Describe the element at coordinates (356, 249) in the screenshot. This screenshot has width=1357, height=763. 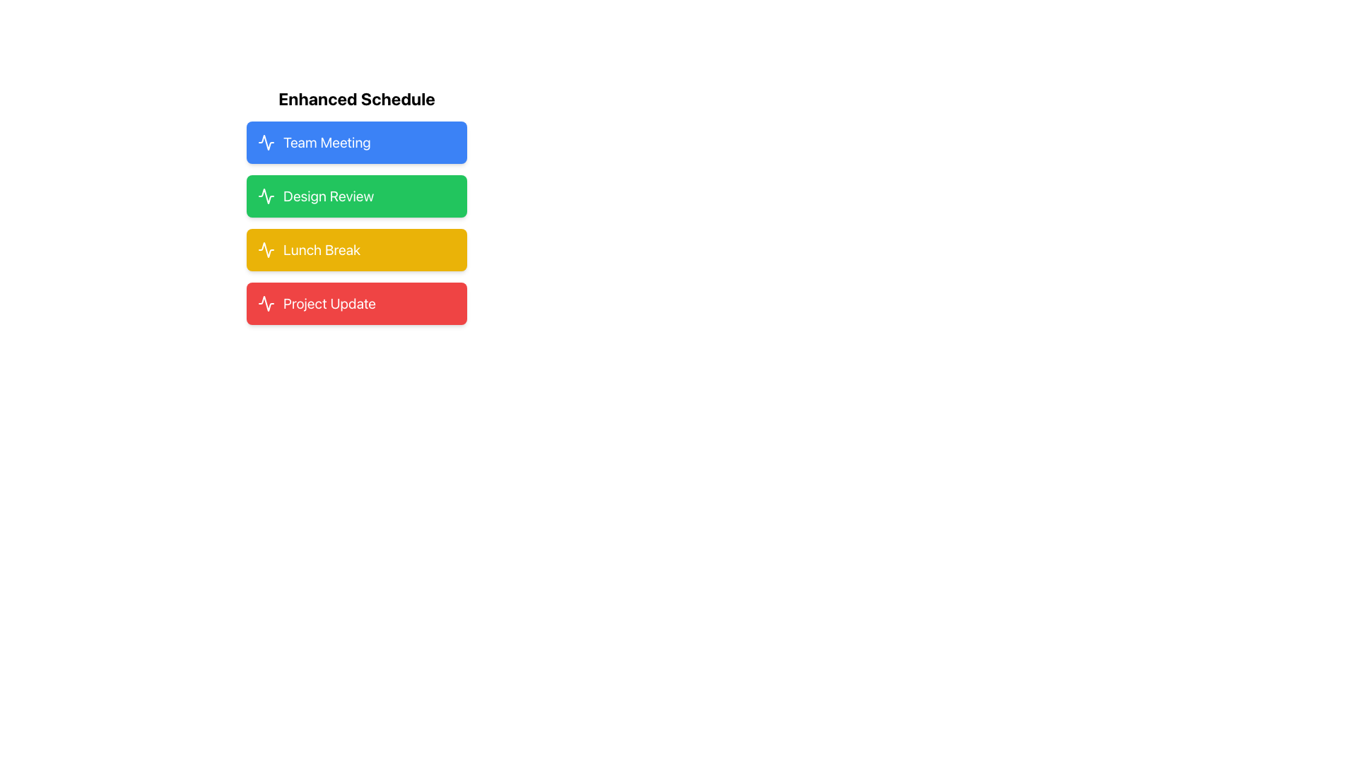
I see `the 'Lunch Break' button, which is a rectangular button with rounded edges, a yellow background, and white text and icon, positioned as the third button in the list under 'Design Review'` at that location.